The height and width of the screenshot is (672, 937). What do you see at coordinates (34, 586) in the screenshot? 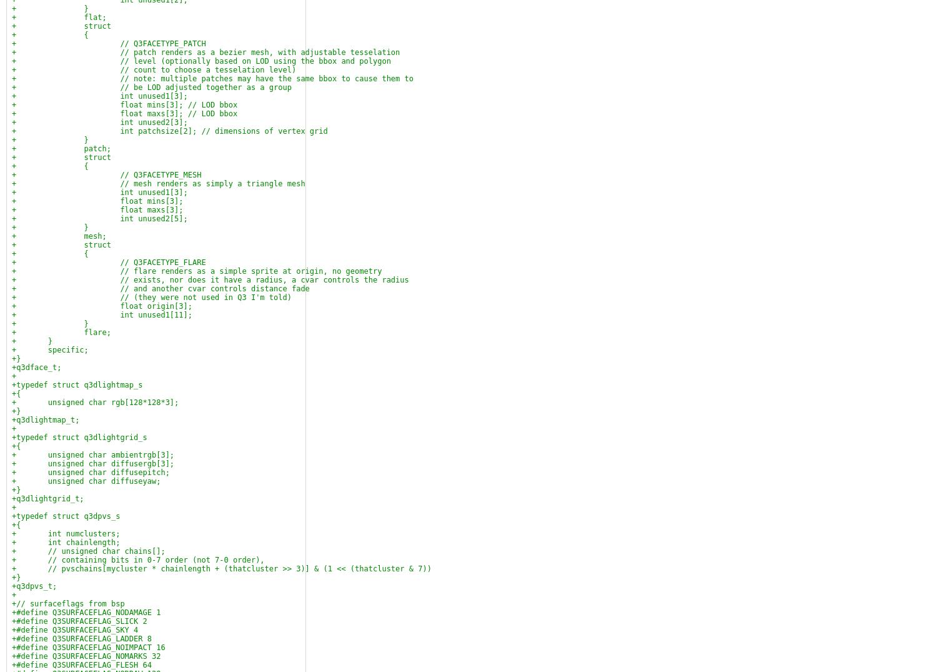
I see `'+q3dpvs_t;'` at bounding box center [34, 586].